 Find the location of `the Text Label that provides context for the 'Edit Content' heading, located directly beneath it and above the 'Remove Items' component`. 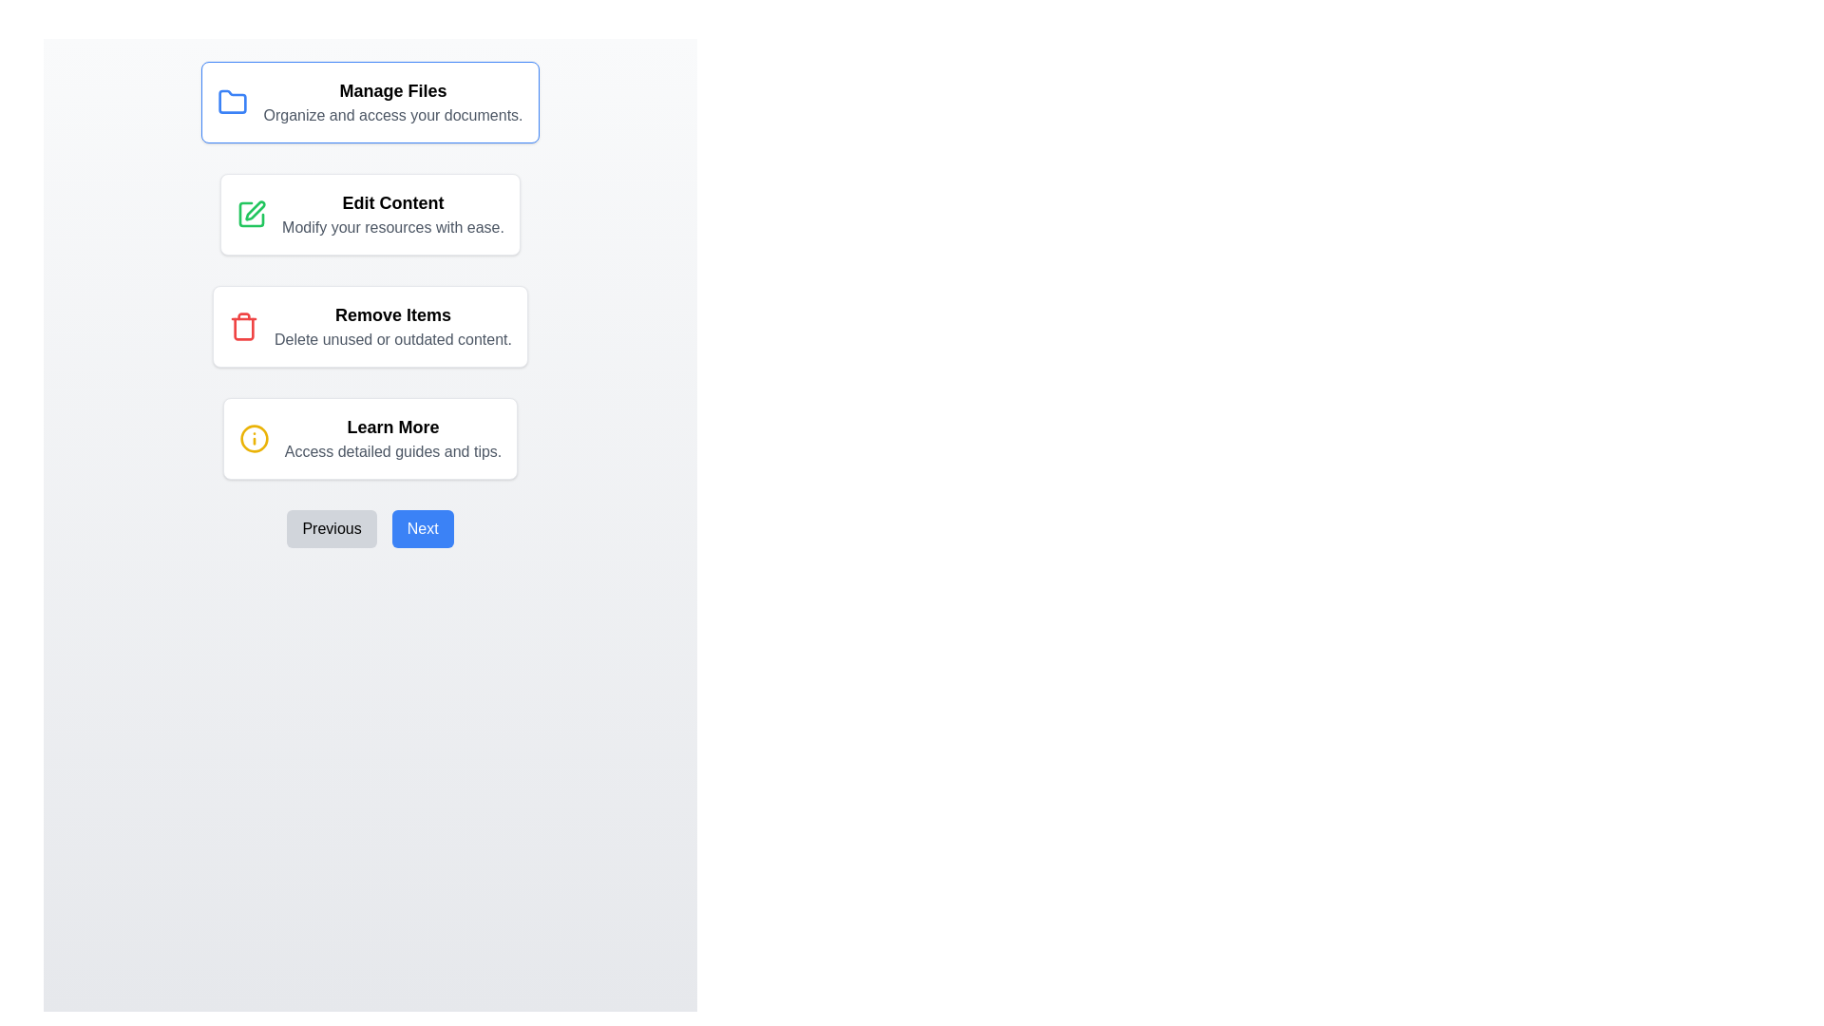

the Text Label that provides context for the 'Edit Content' heading, located directly beneath it and above the 'Remove Items' component is located at coordinates (391, 226).